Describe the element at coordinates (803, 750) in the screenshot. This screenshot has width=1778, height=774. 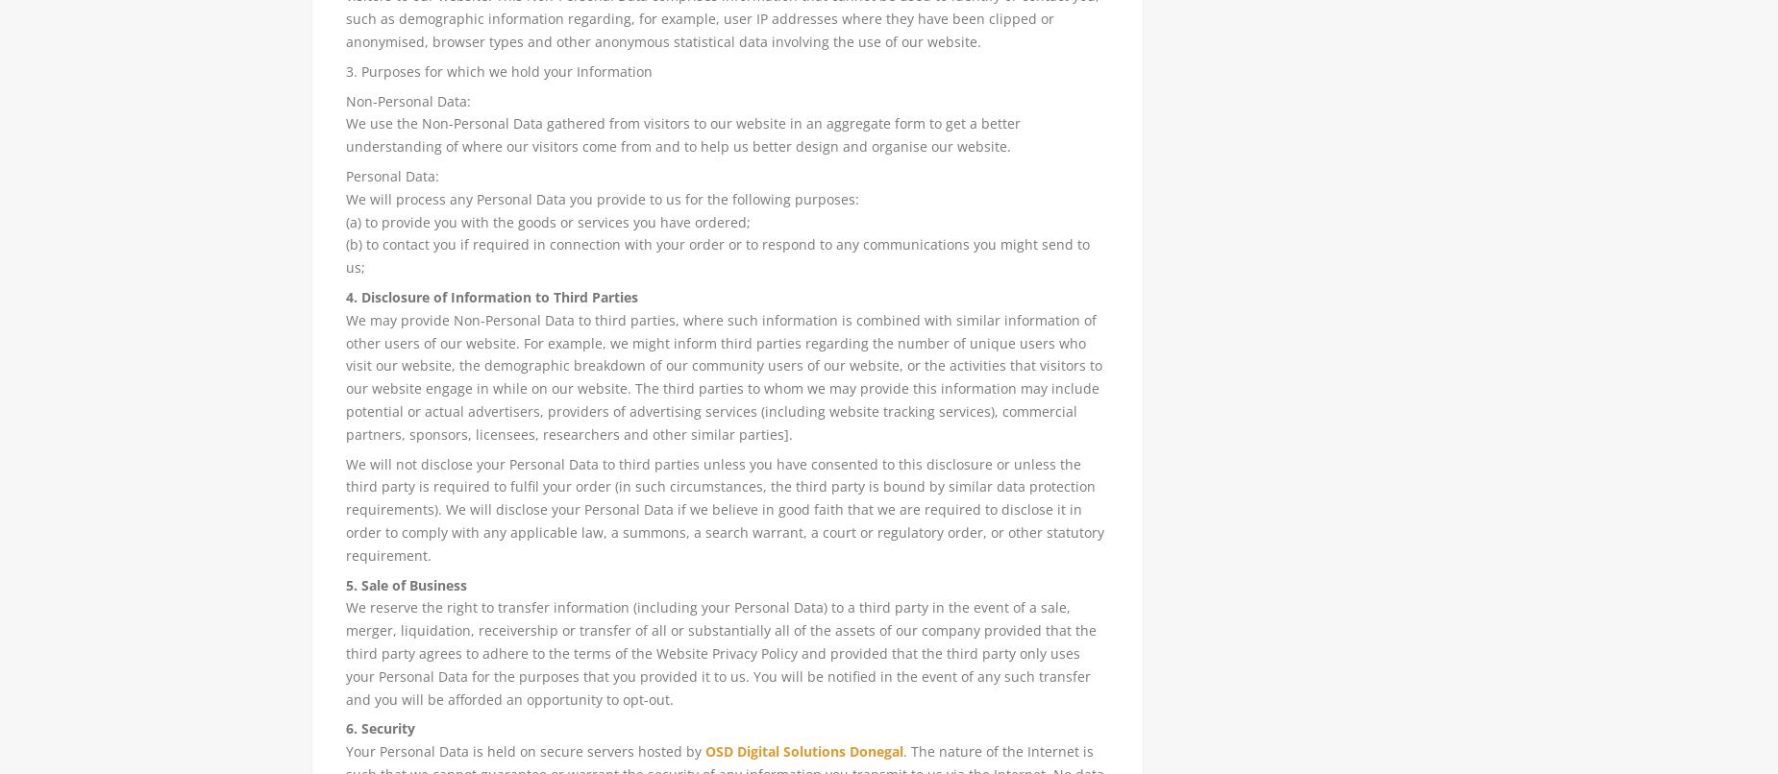
I see `'OSD Digital Solutions Donegal'` at that location.